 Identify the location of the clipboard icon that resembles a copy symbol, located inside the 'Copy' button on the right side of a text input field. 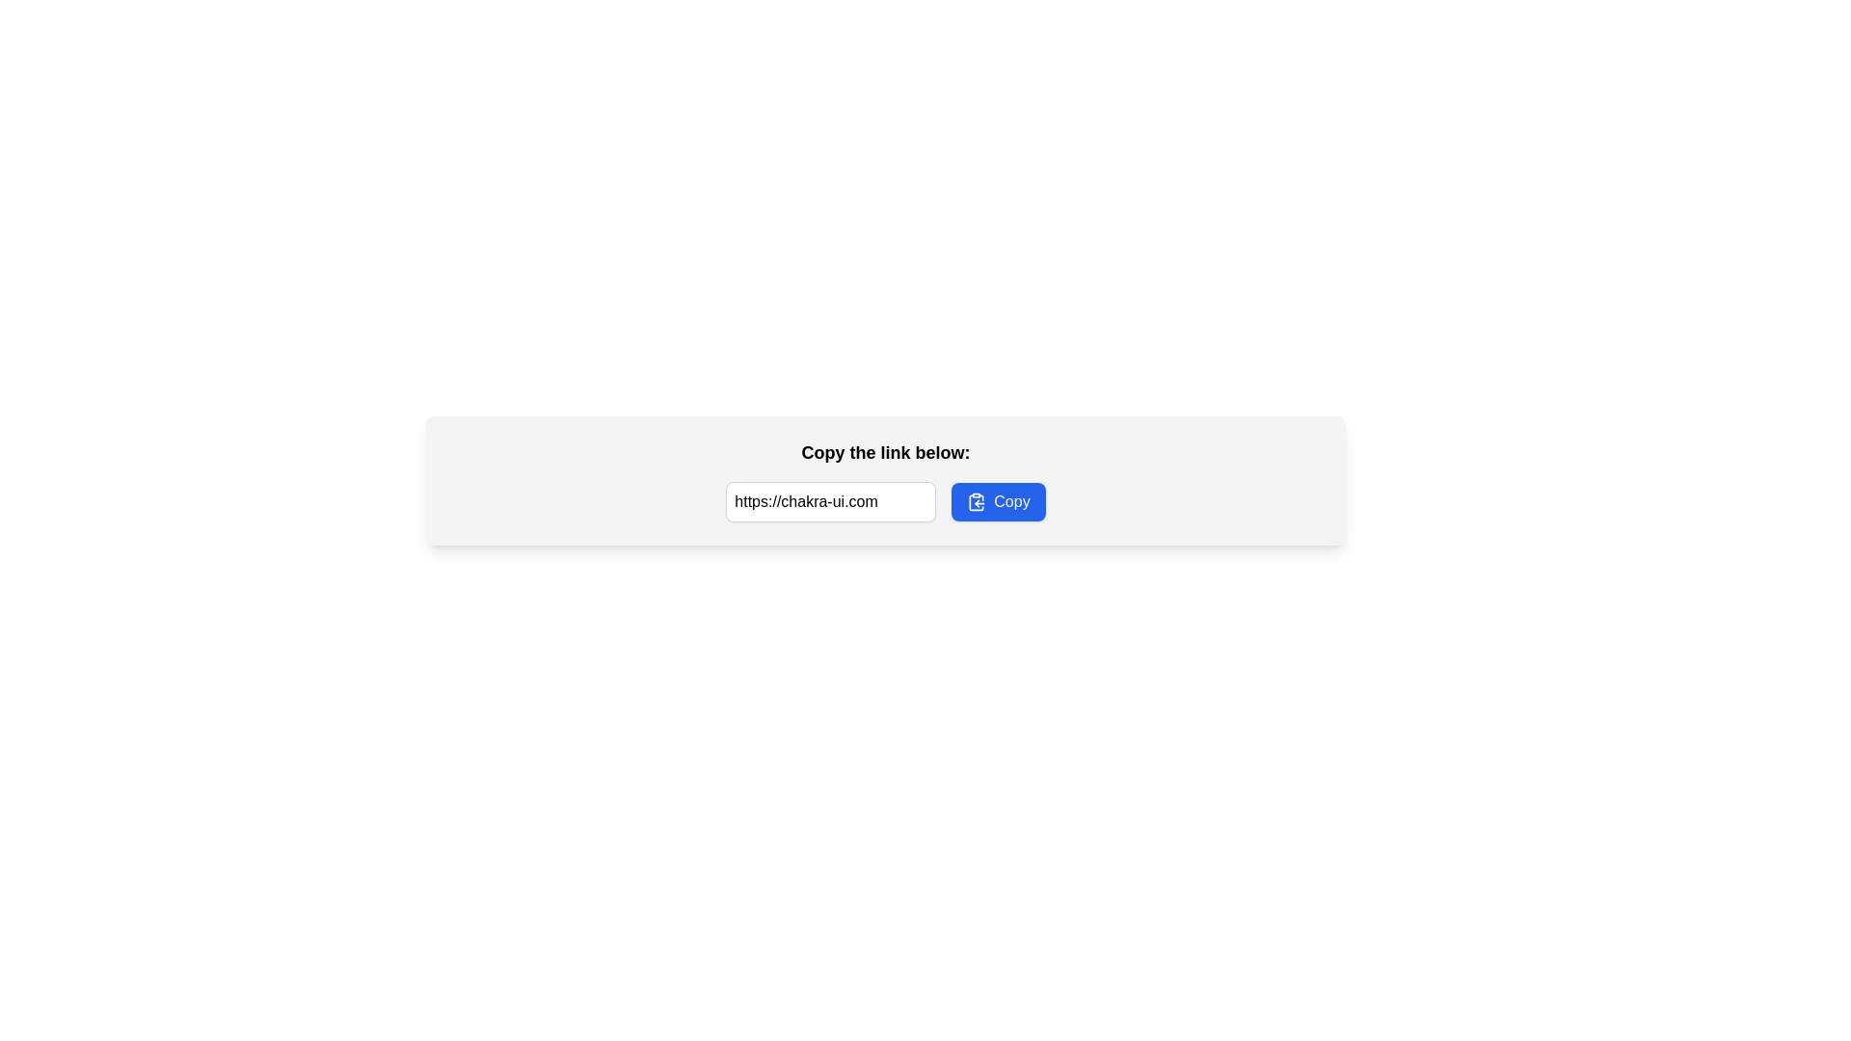
(977, 500).